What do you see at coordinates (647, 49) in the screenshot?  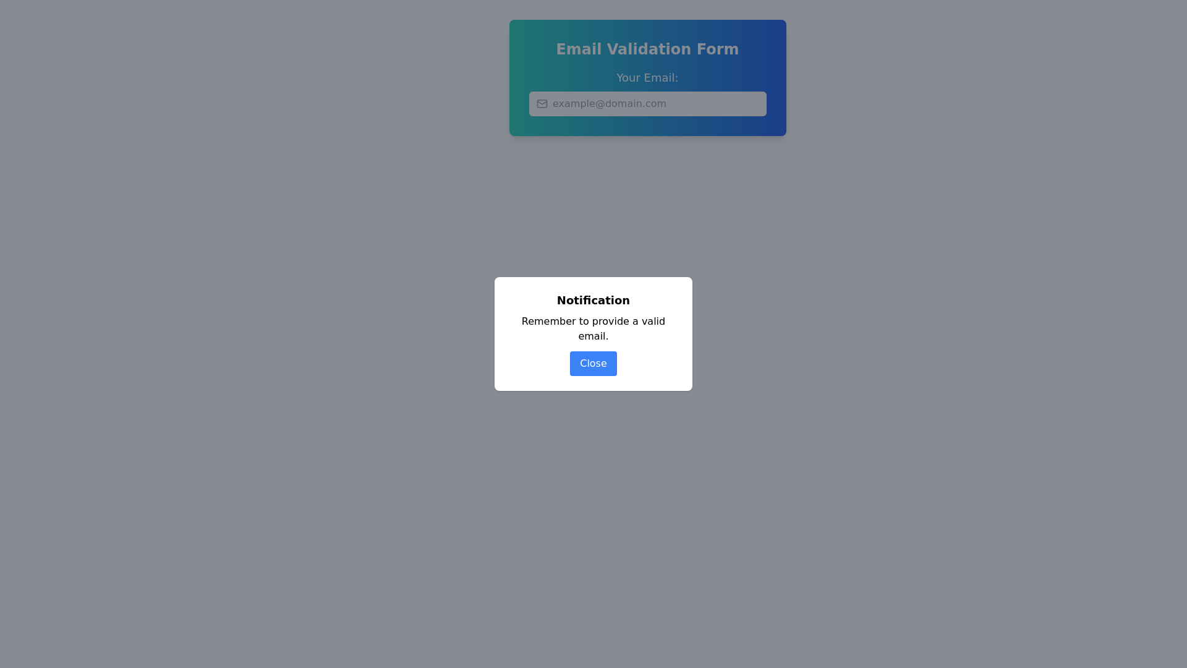 I see `the Text label at the top center of the form, which serves as the title or header providing context about the form's purpose` at bounding box center [647, 49].